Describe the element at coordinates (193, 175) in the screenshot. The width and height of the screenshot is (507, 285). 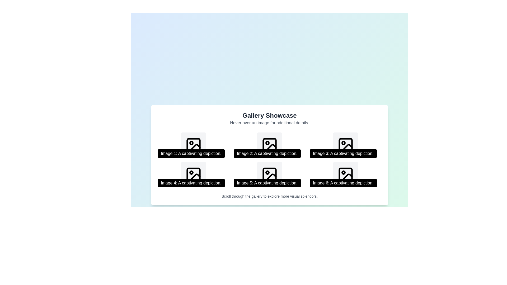
I see `the Visual Placeholder located in the bottom-left section of the gallery grid` at that location.